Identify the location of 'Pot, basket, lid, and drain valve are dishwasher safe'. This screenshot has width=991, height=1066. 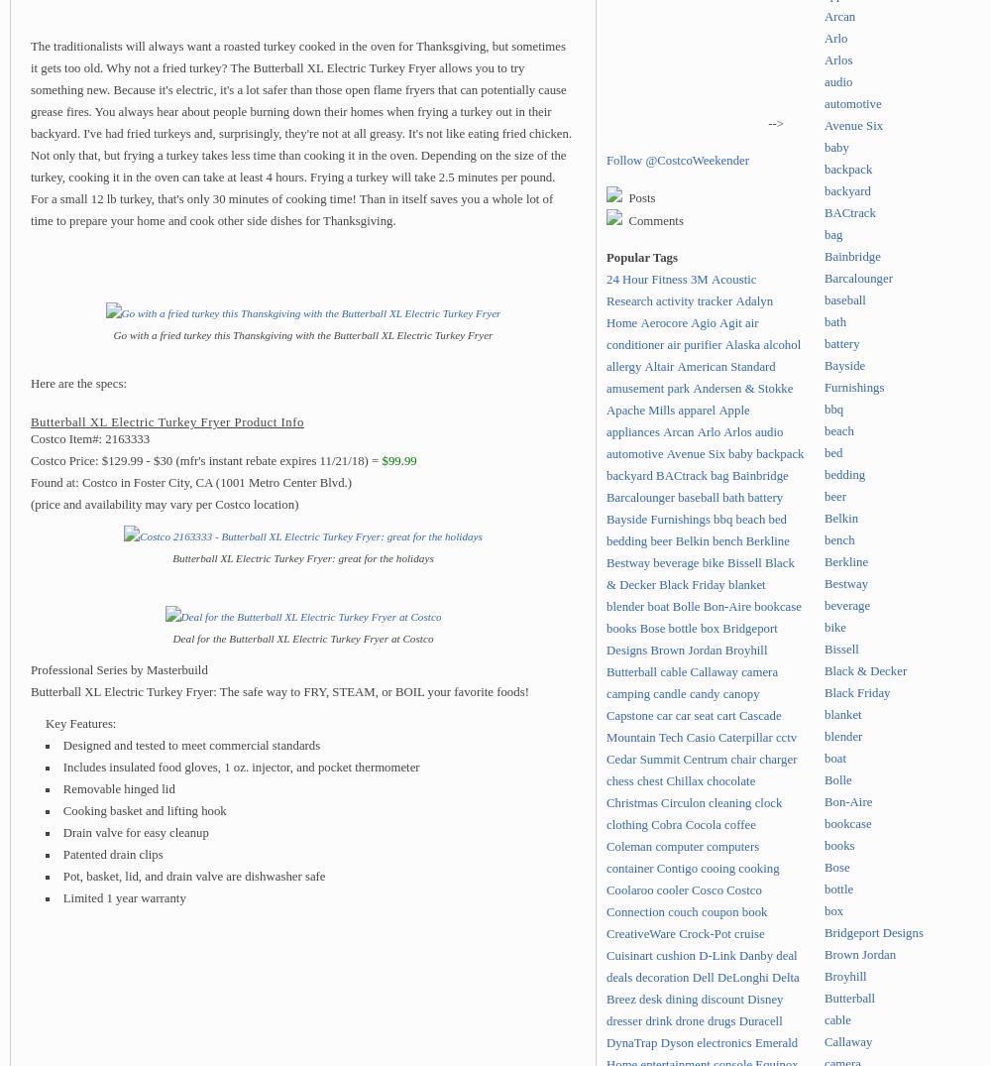
(61, 875).